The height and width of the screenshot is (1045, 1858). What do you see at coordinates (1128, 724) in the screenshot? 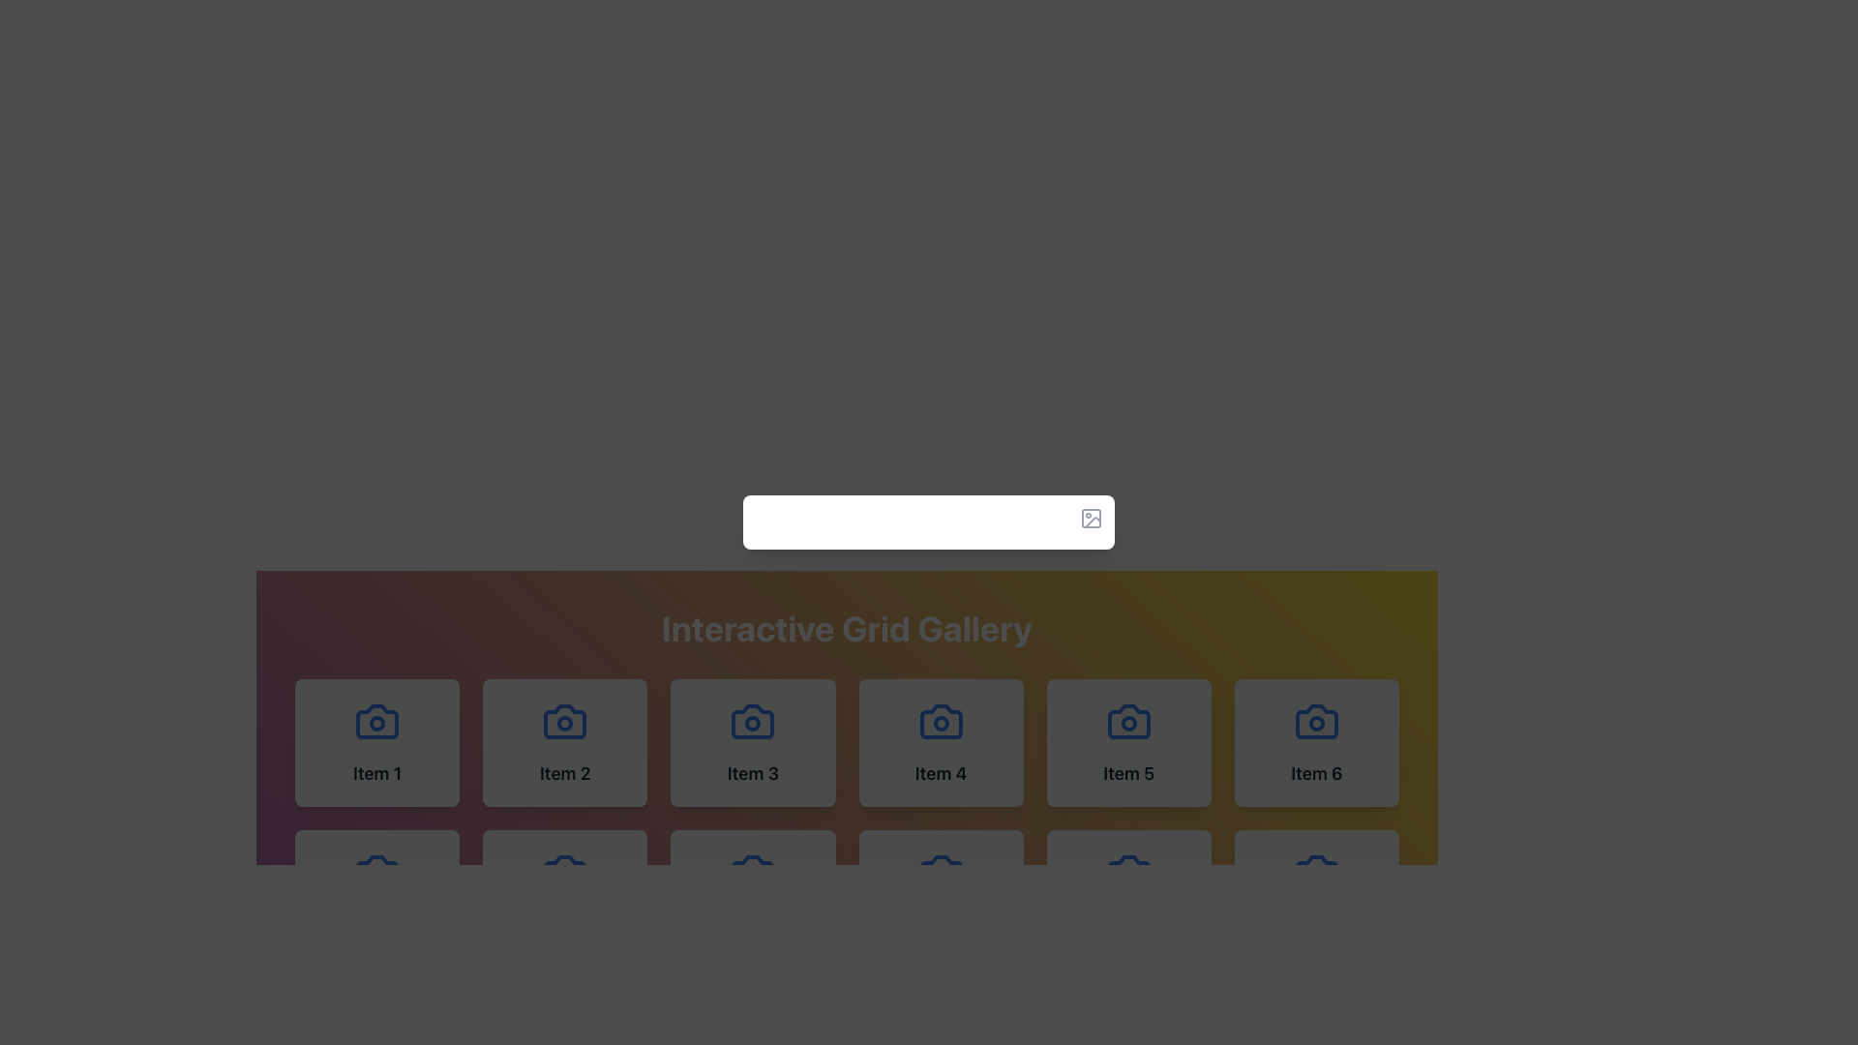
I see `the central feature inside the lens circle of the fifth camera icon in the row of six camera icons` at bounding box center [1128, 724].